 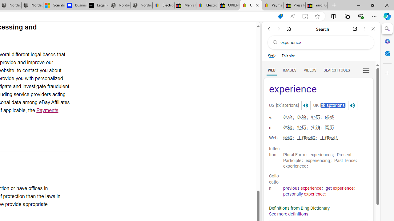 What do you see at coordinates (271, 55) in the screenshot?
I see `'Web scope'` at bounding box center [271, 55].